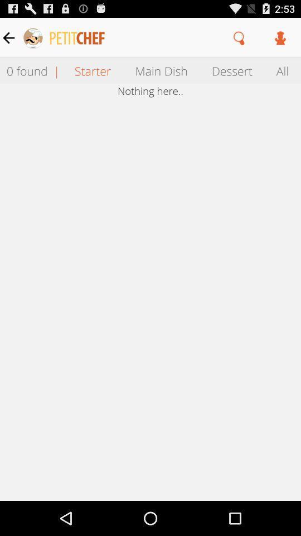  I want to click on the item to the right of | icon, so click(92, 70).